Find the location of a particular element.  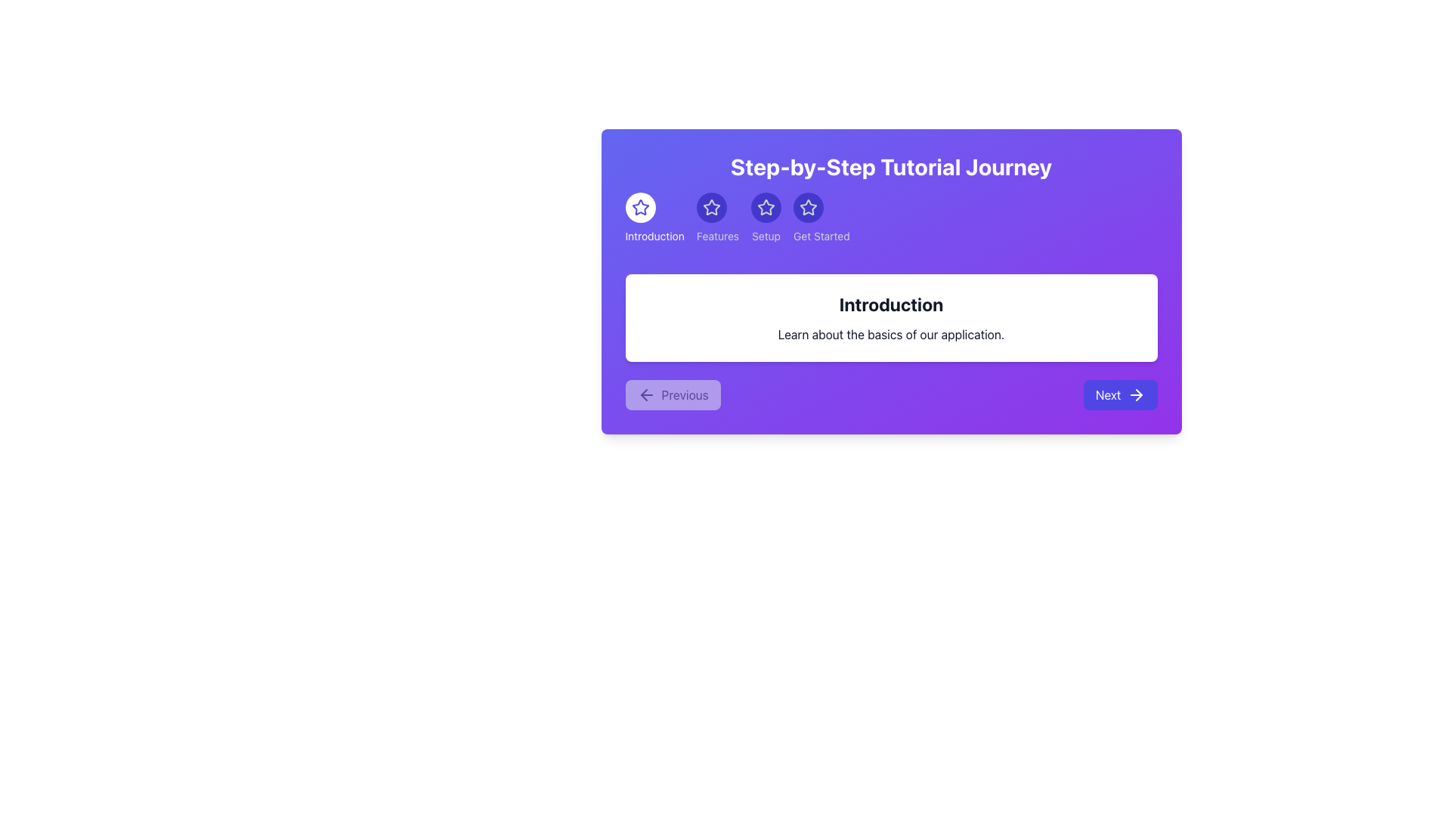

the circular navigation button with a star icon, which is styled as a blue circle and is the fourth item in the horizontal navigation menu is located at coordinates (808, 207).